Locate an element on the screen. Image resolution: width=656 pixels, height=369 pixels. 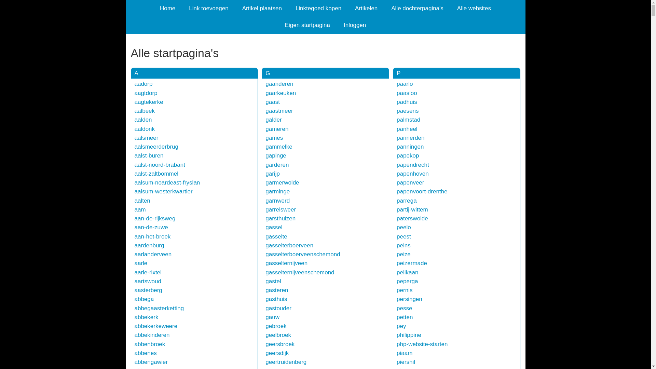
'aagtdorp' is located at coordinates (146, 93).